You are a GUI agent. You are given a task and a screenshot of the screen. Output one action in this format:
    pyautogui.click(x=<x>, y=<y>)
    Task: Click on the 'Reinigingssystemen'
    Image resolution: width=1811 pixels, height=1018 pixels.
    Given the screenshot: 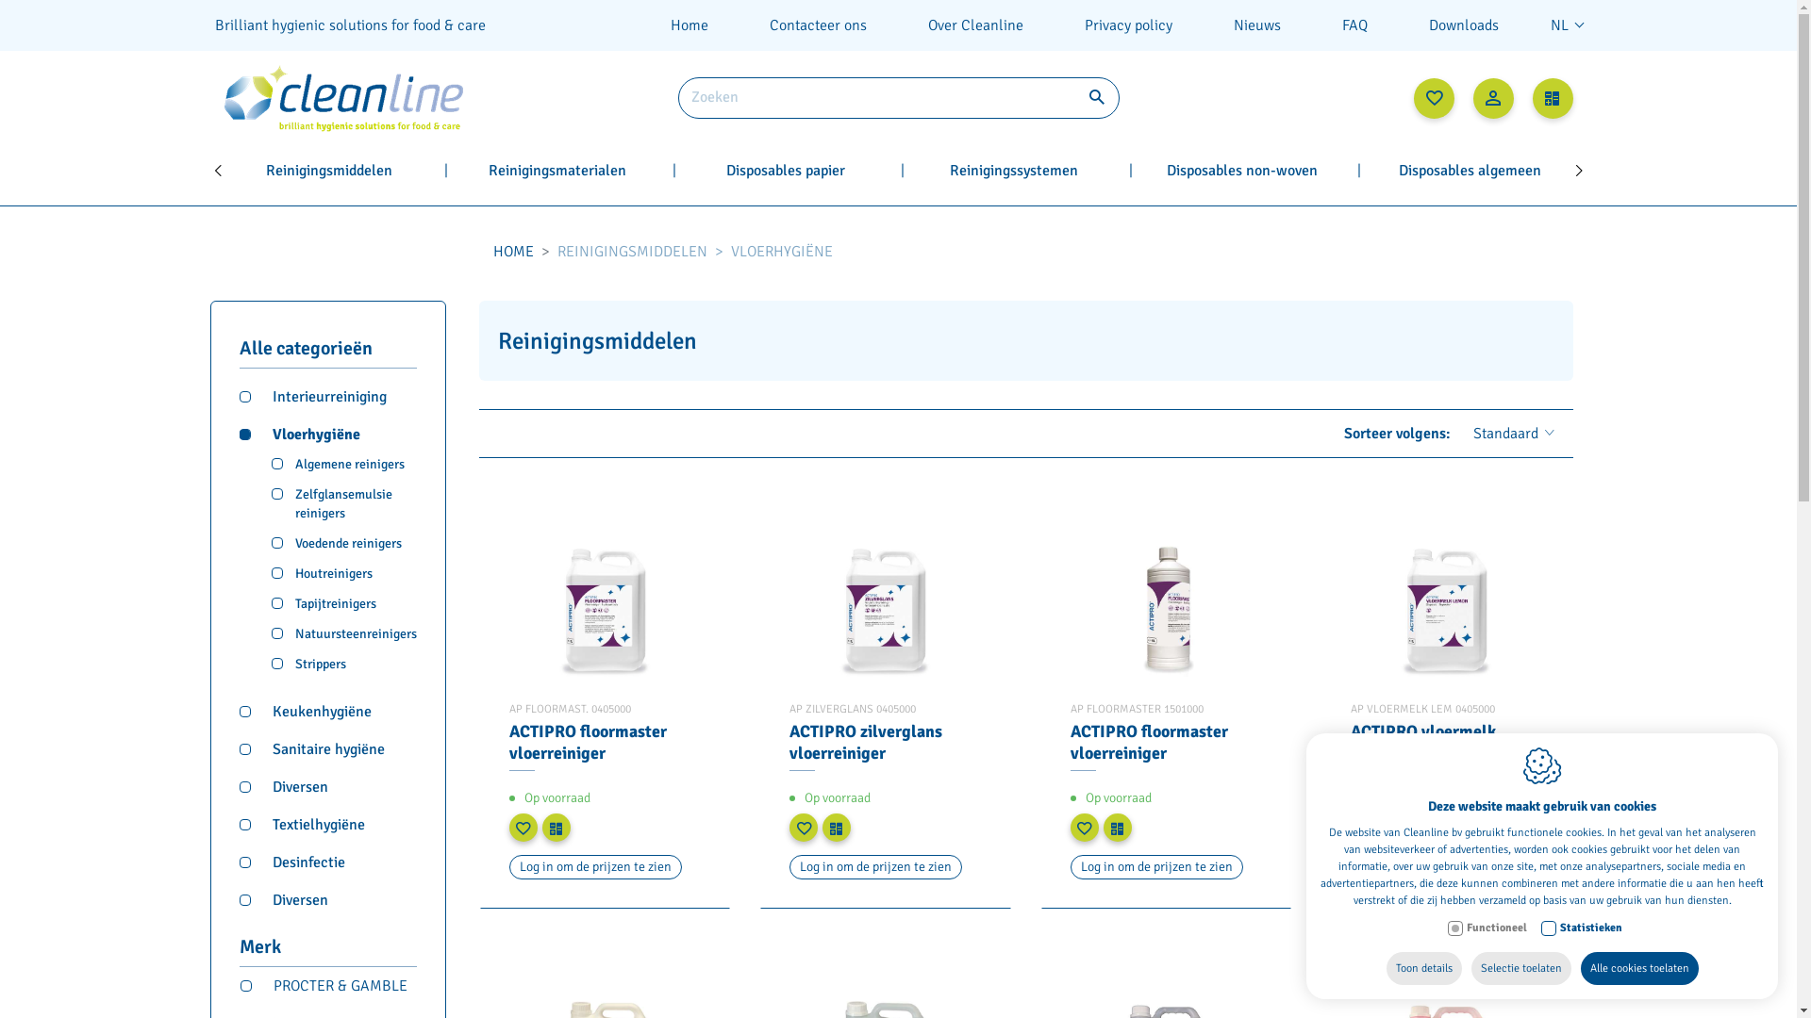 What is the action you would take?
    pyautogui.click(x=1012, y=171)
    